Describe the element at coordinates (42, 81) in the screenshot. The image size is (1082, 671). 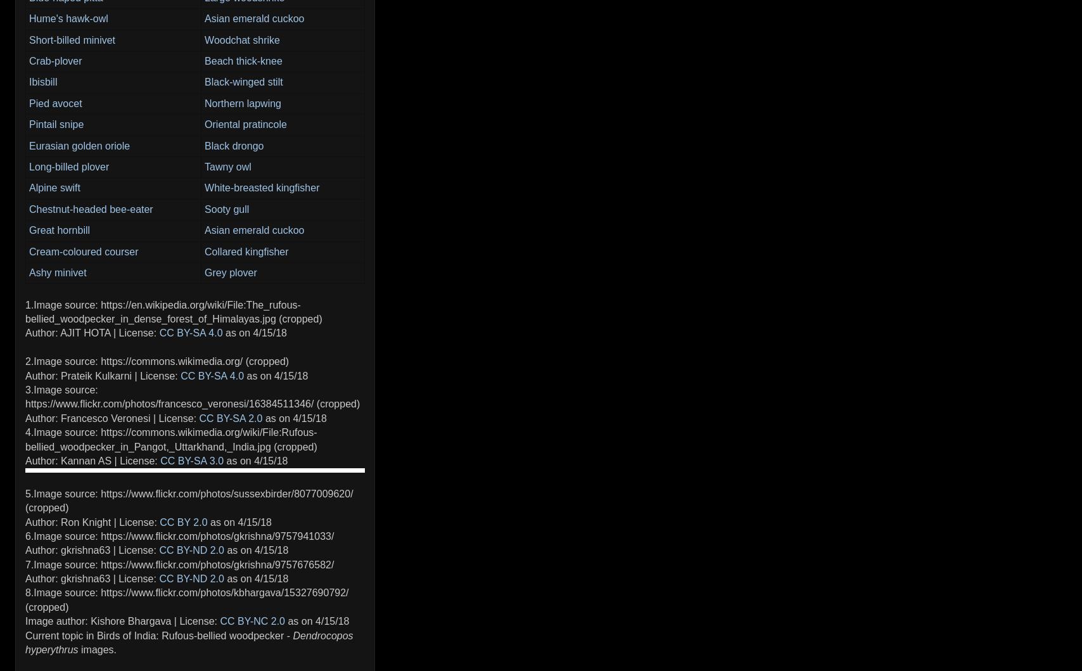
I see `'Ibisbill'` at that location.